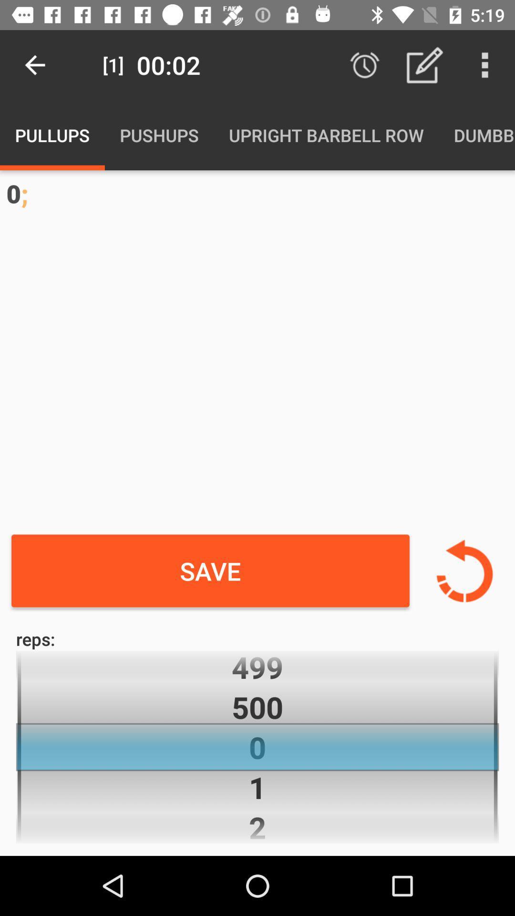  Describe the element at coordinates (464, 571) in the screenshot. I see `undo changes` at that location.